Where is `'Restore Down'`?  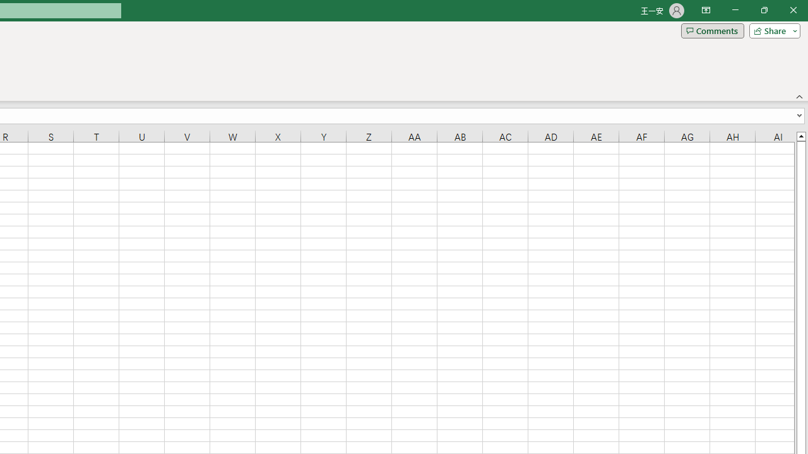 'Restore Down' is located at coordinates (763, 10).